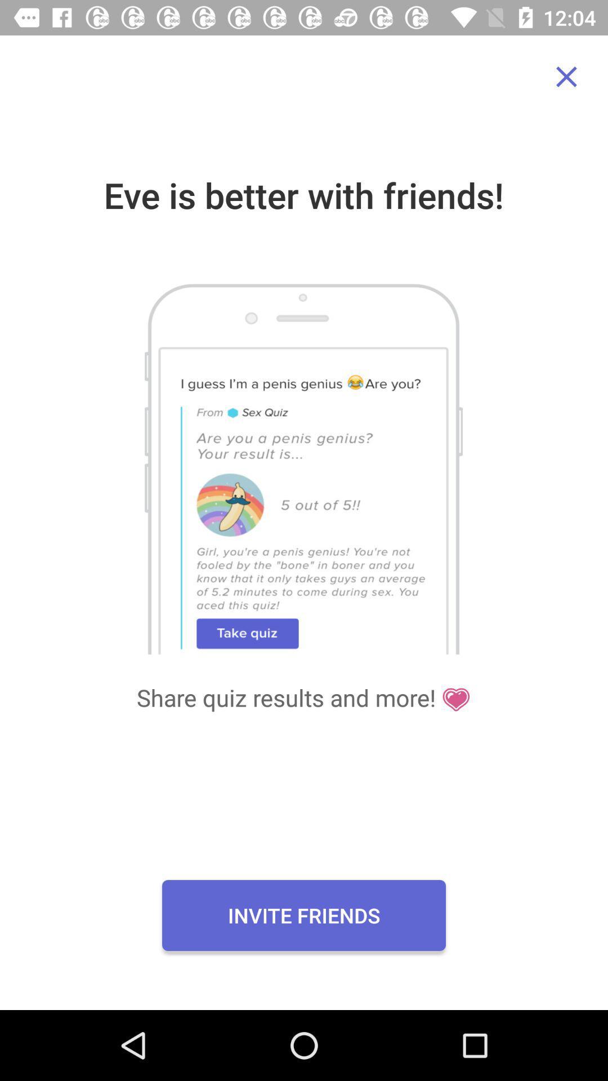 This screenshot has width=608, height=1081. What do you see at coordinates (566, 76) in the screenshot?
I see `the app` at bounding box center [566, 76].